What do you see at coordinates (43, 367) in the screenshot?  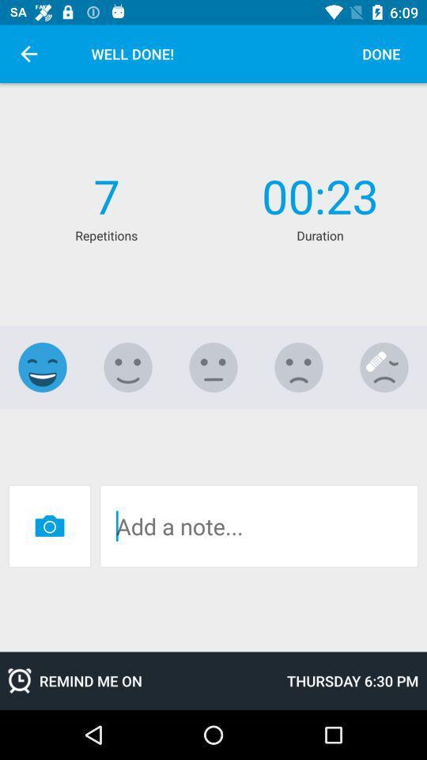 I see `the emoji icon` at bounding box center [43, 367].